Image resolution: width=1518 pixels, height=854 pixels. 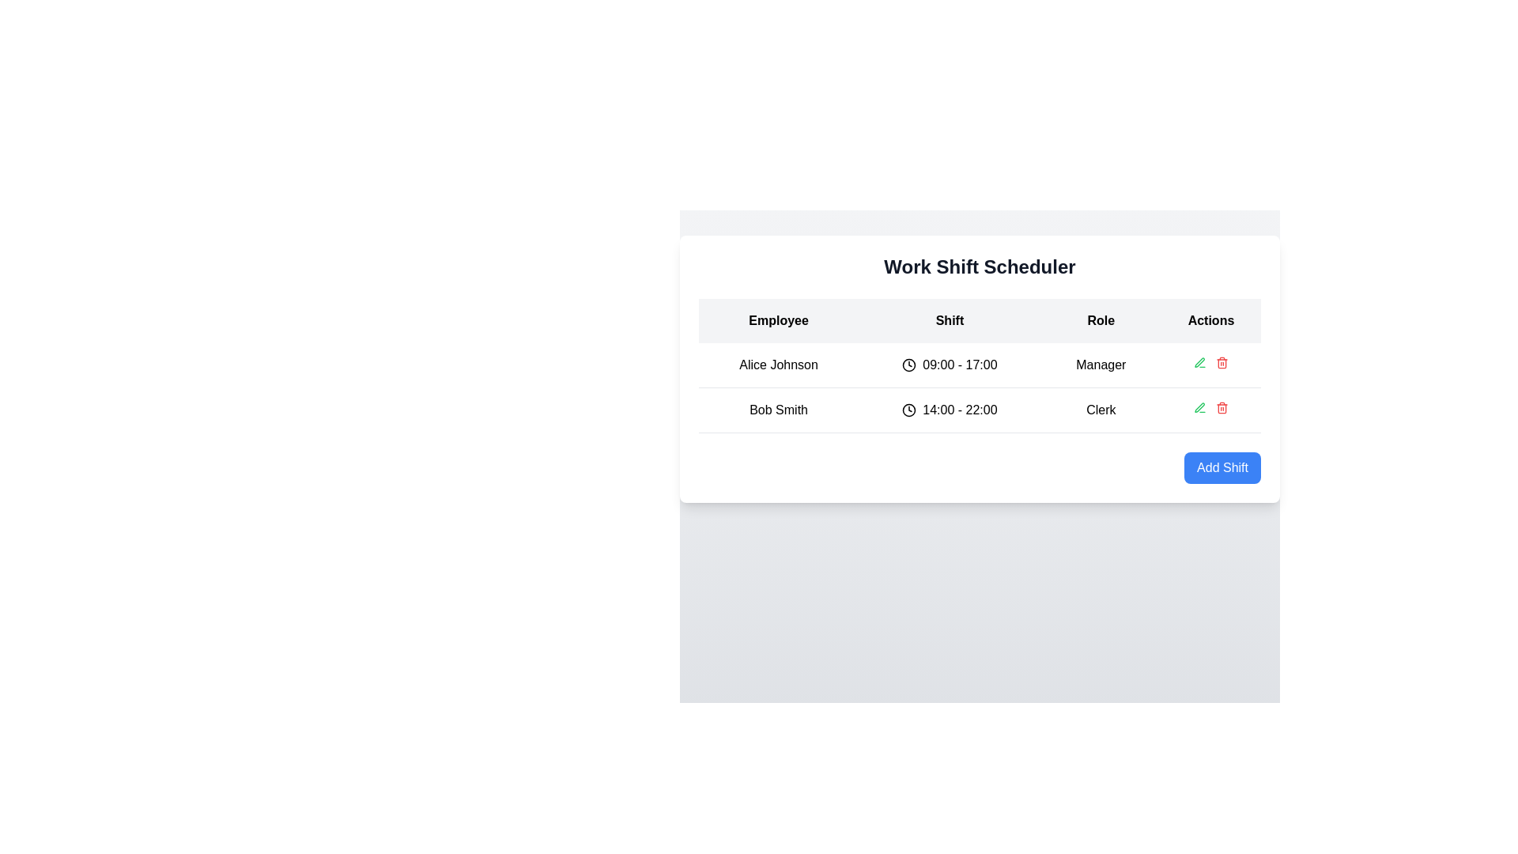 What do you see at coordinates (1100, 320) in the screenshot?
I see `the non-interactive header text label for the third column in the 'Work Shift Scheduler' panel, located between the 'Shift' and 'Actions' column headers` at bounding box center [1100, 320].